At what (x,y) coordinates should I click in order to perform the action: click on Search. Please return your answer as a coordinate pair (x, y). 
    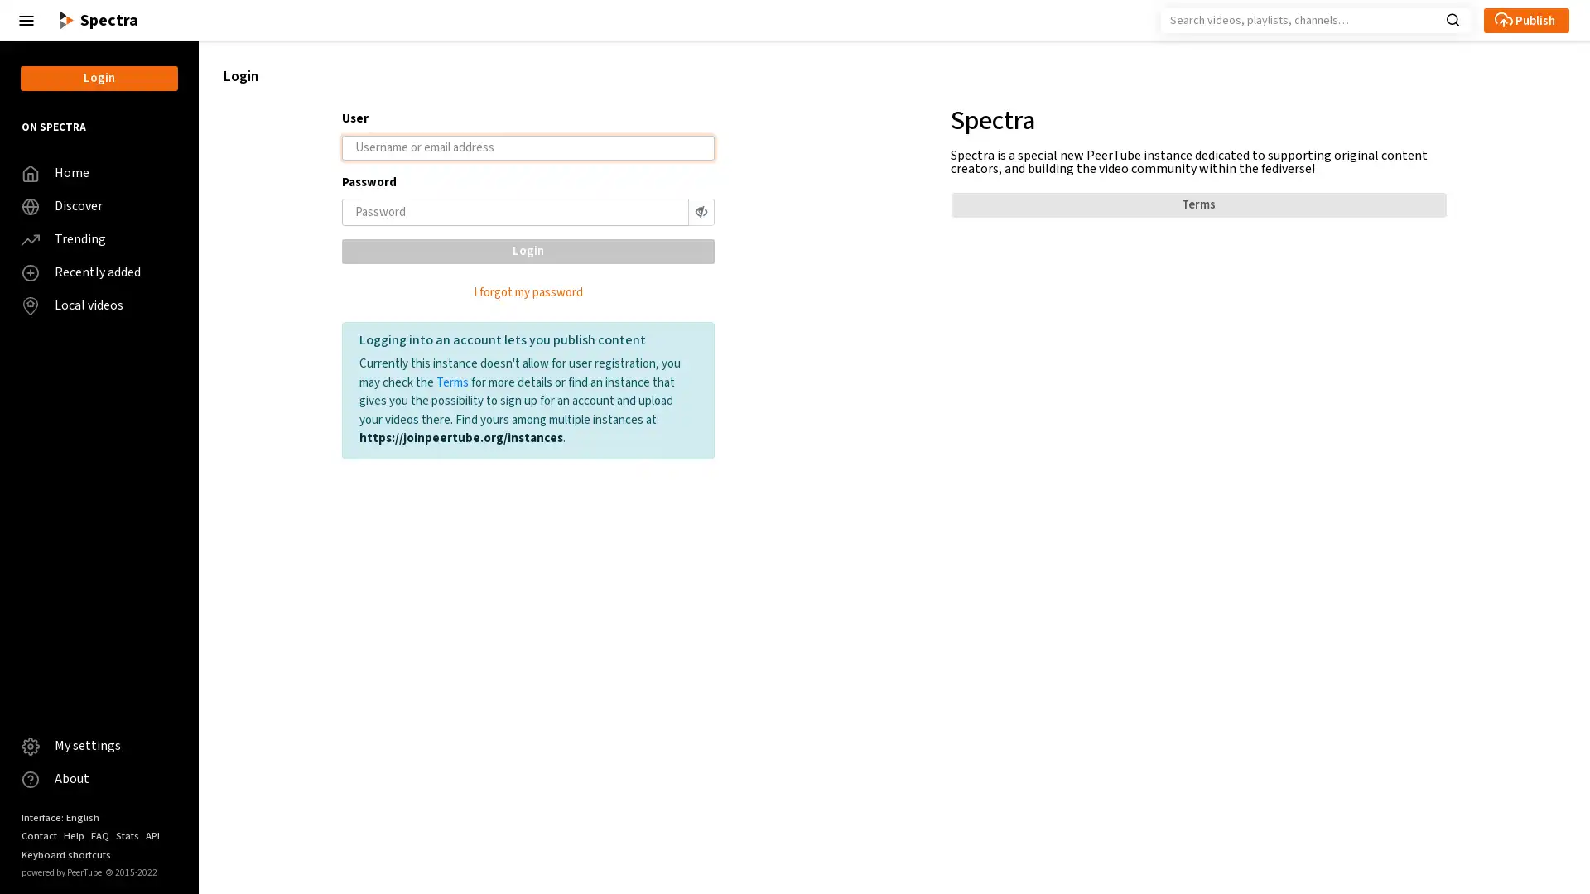
    Looking at the image, I should click on (1452, 18).